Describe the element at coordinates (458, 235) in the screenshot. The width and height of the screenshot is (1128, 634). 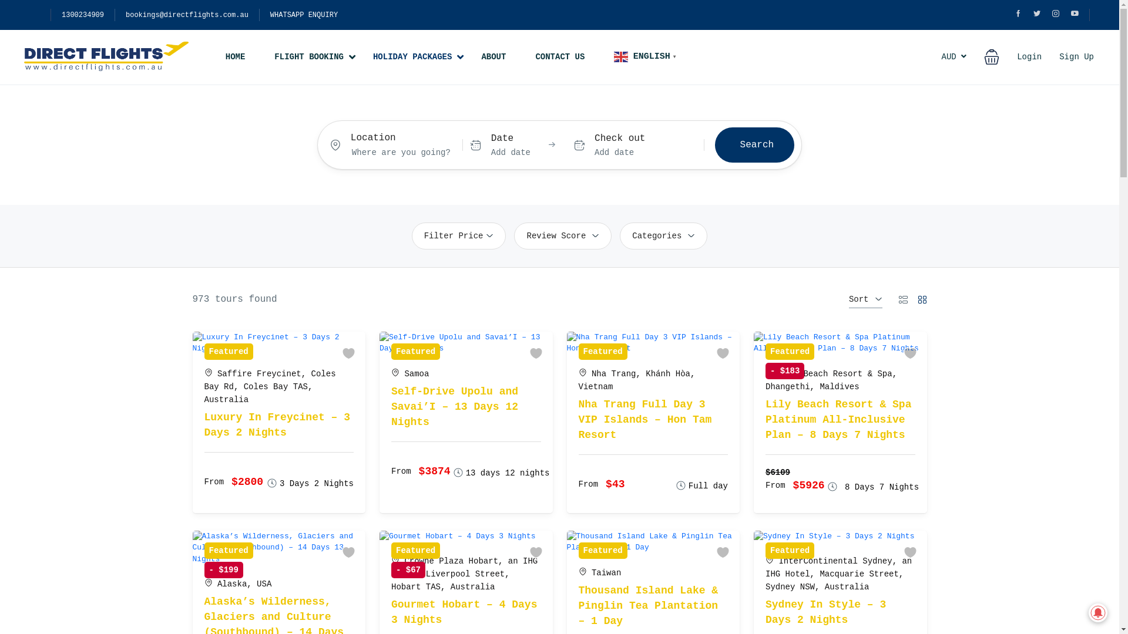
I see `'Filter Price'` at that location.